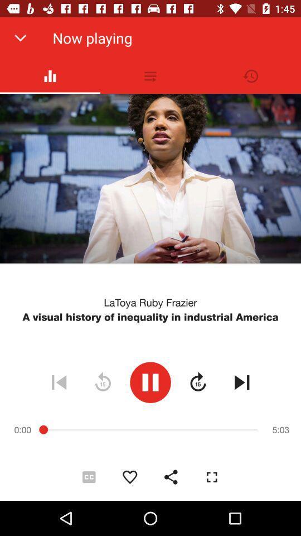 The image size is (301, 536). Describe the element at coordinates (59, 382) in the screenshot. I see `the icon below the a visual history icon` at that location.